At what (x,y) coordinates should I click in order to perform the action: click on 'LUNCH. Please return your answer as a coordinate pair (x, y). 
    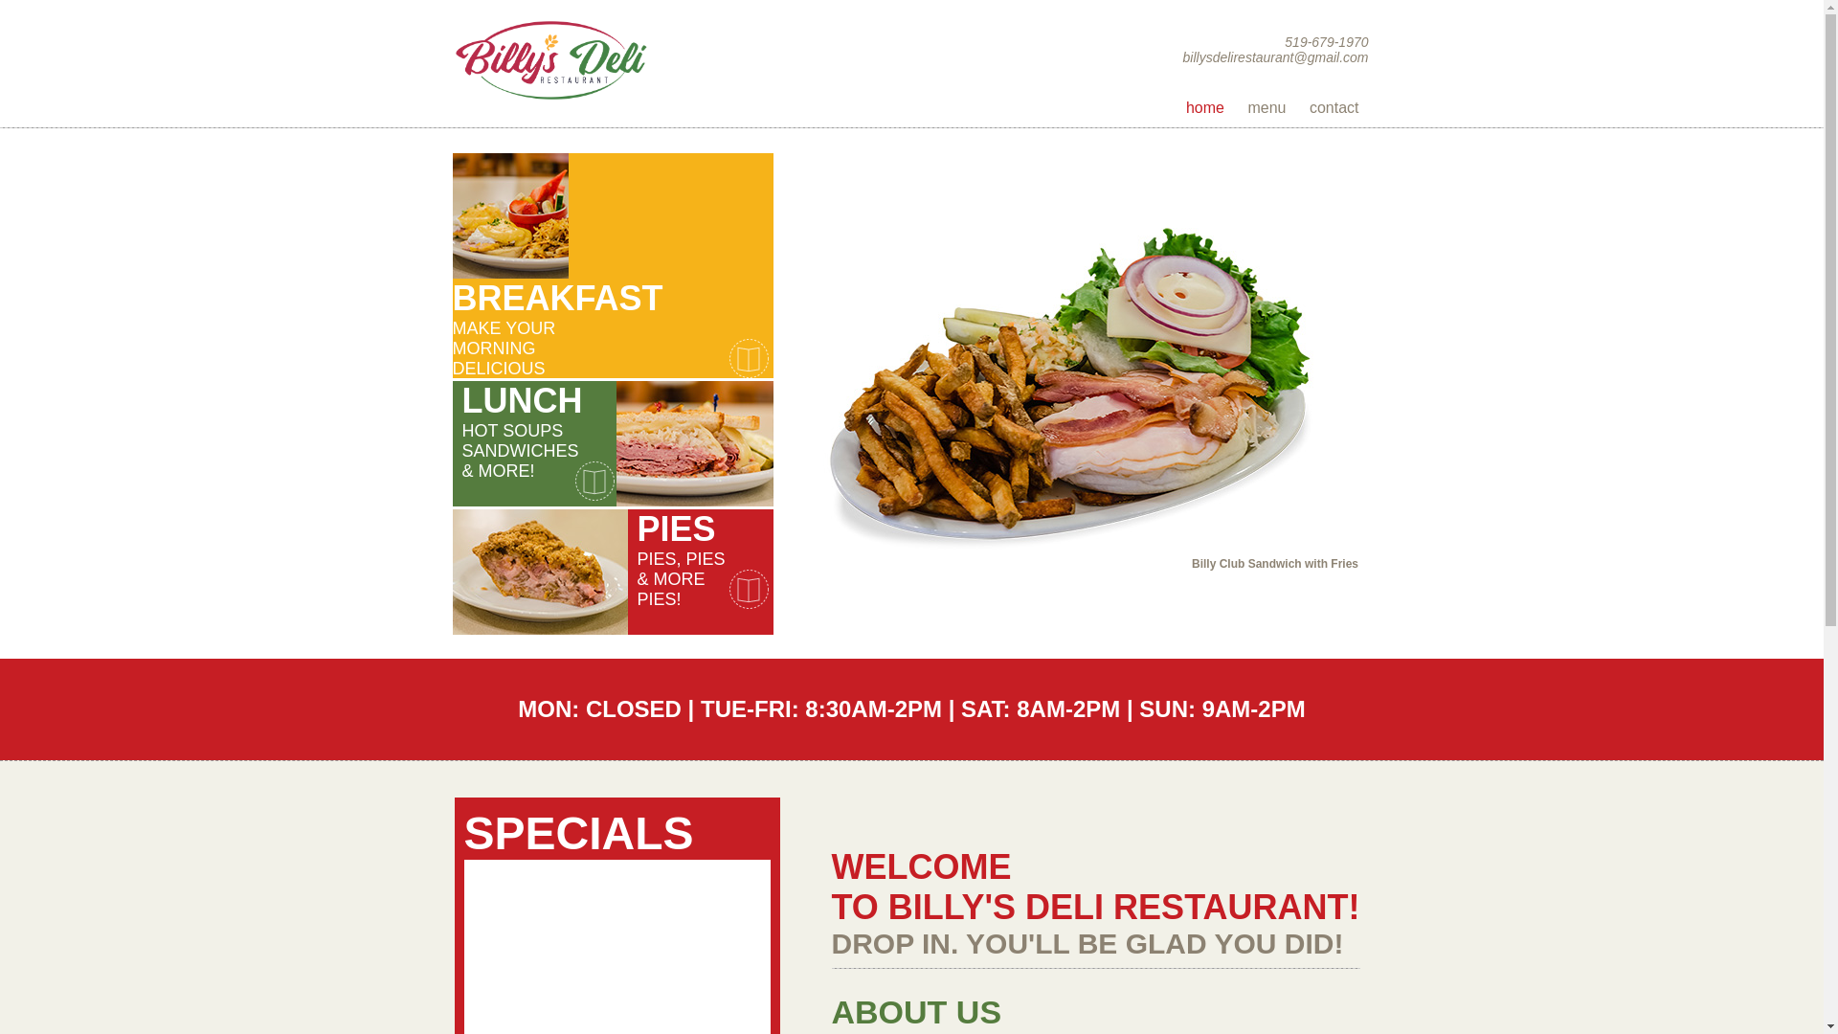
    Looking at the image, I should click on (616, 442).